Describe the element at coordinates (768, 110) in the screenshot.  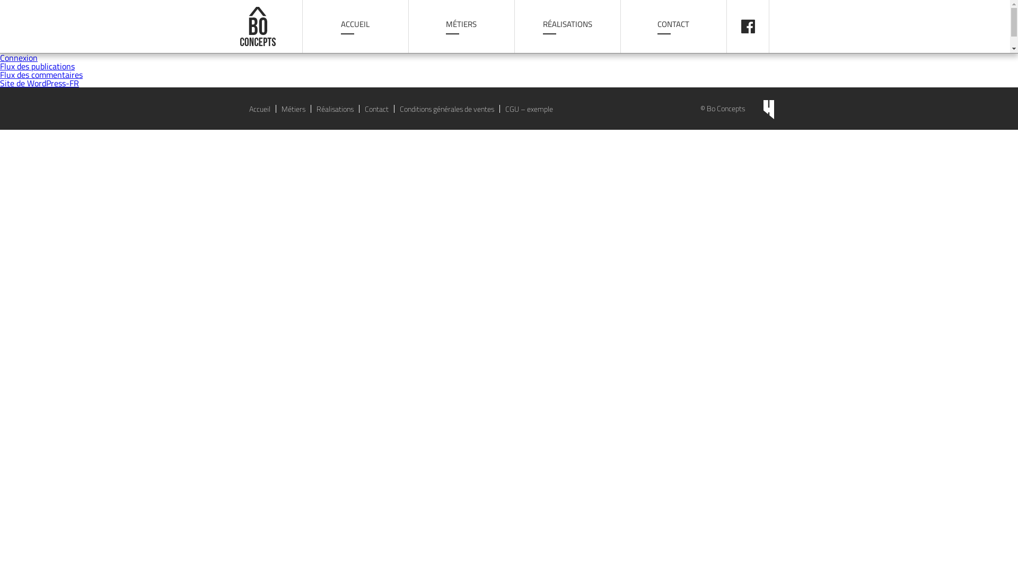
I see `'Website by Hungry Minds'` at that location.